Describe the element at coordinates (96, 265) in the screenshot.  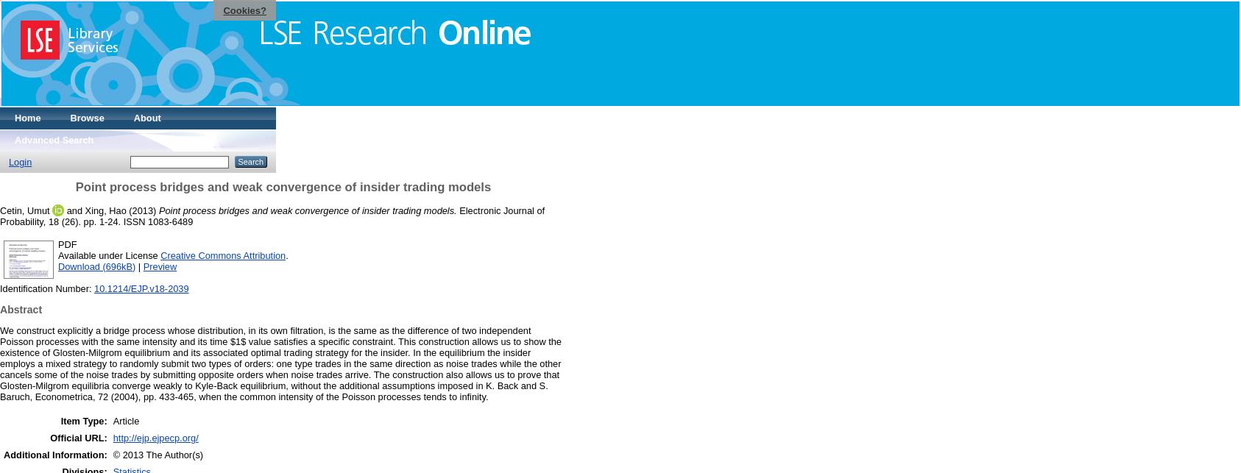
I see `'Download (696kB)'` at that location.